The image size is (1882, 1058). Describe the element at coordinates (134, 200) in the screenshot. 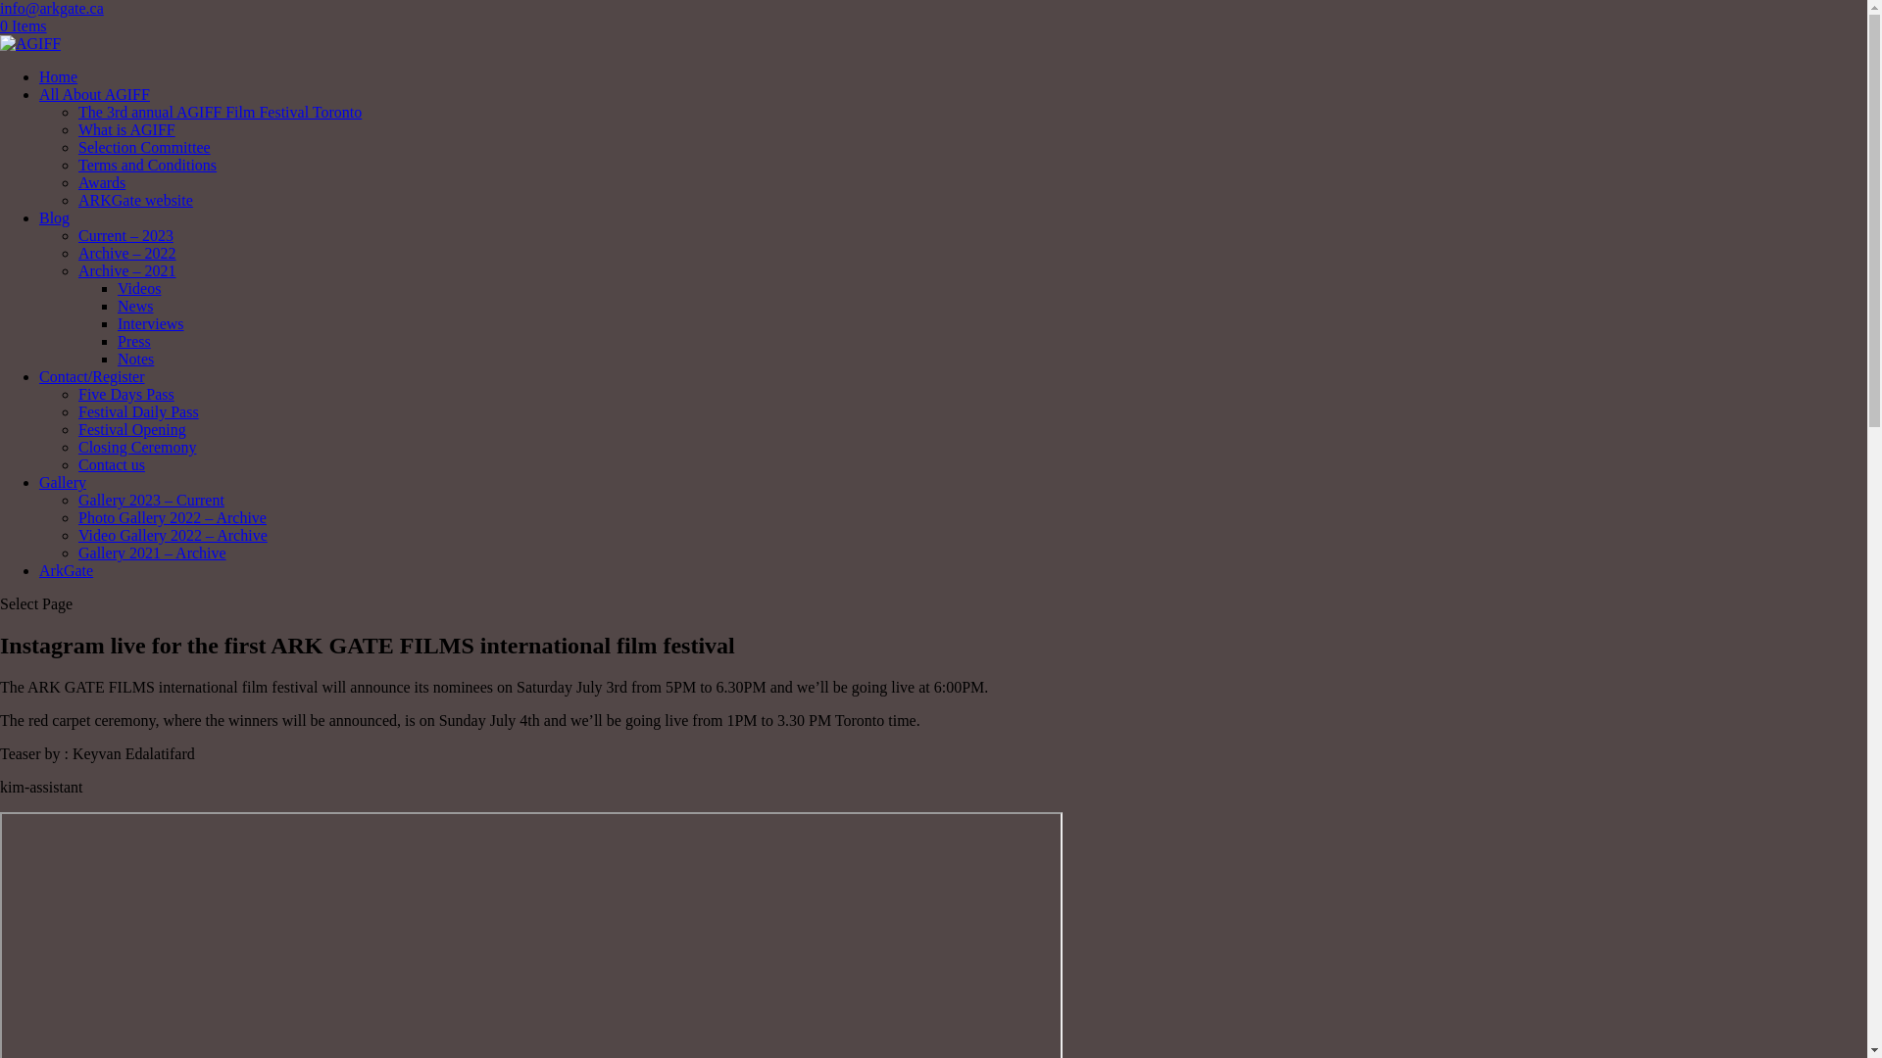

I see `'ARKGate website'` at that location.